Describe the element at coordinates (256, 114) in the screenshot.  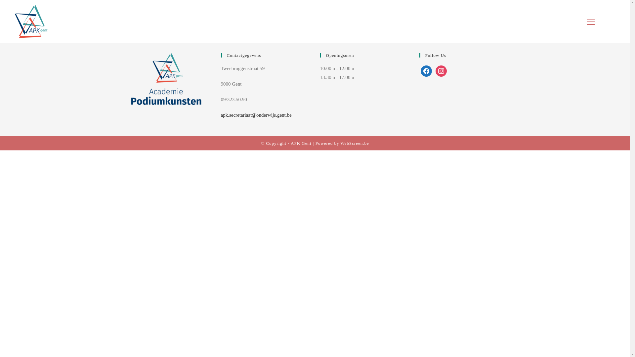
I see `'apk.secretariaat@onderwijs.gent.be'` at that location.